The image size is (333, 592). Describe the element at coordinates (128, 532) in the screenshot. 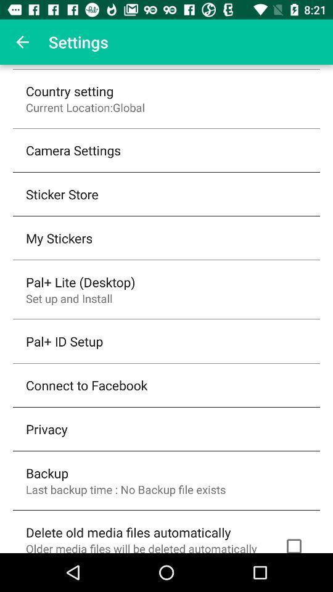

I see `icon above the older media files` at that location.